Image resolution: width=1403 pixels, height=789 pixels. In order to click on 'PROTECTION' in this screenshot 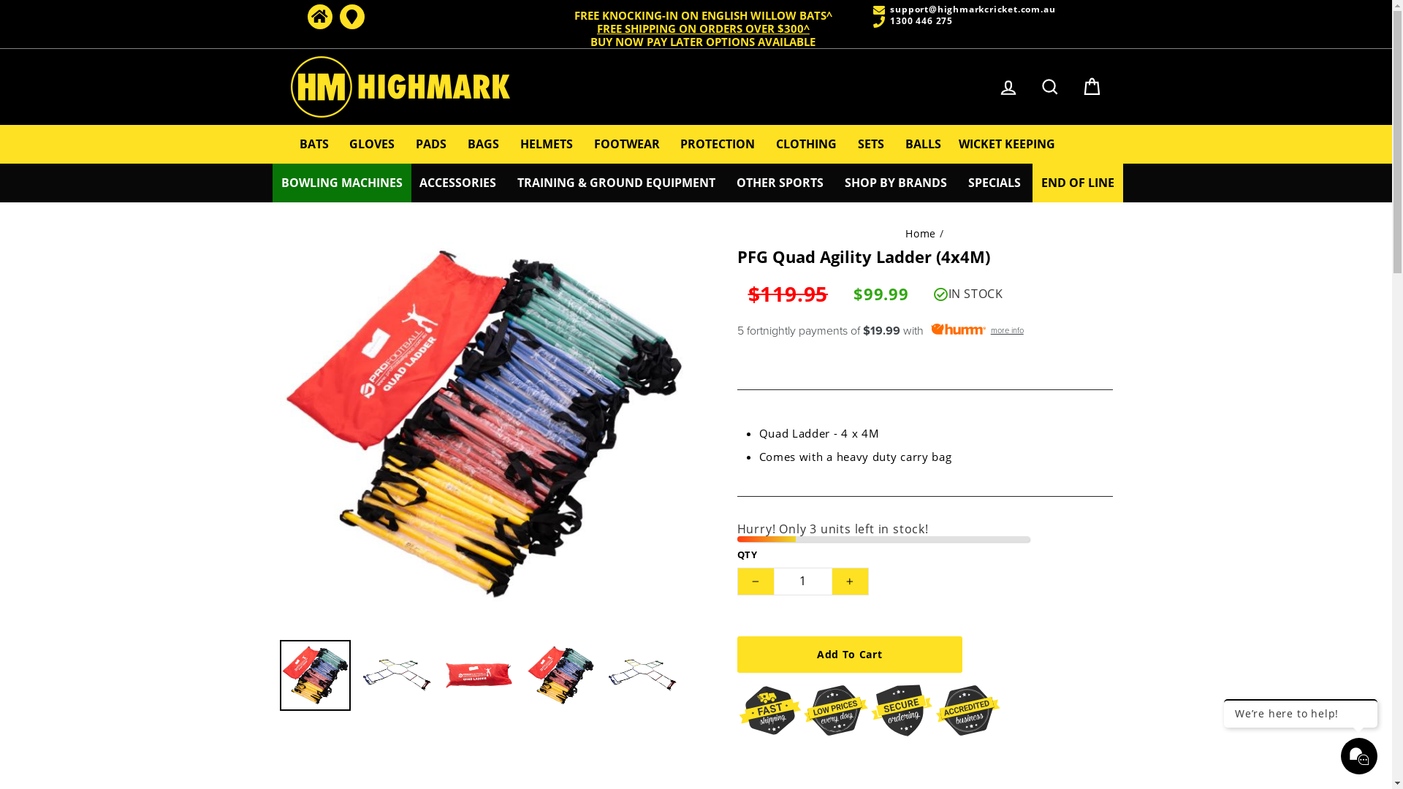, I will do `click(718, 144)`.